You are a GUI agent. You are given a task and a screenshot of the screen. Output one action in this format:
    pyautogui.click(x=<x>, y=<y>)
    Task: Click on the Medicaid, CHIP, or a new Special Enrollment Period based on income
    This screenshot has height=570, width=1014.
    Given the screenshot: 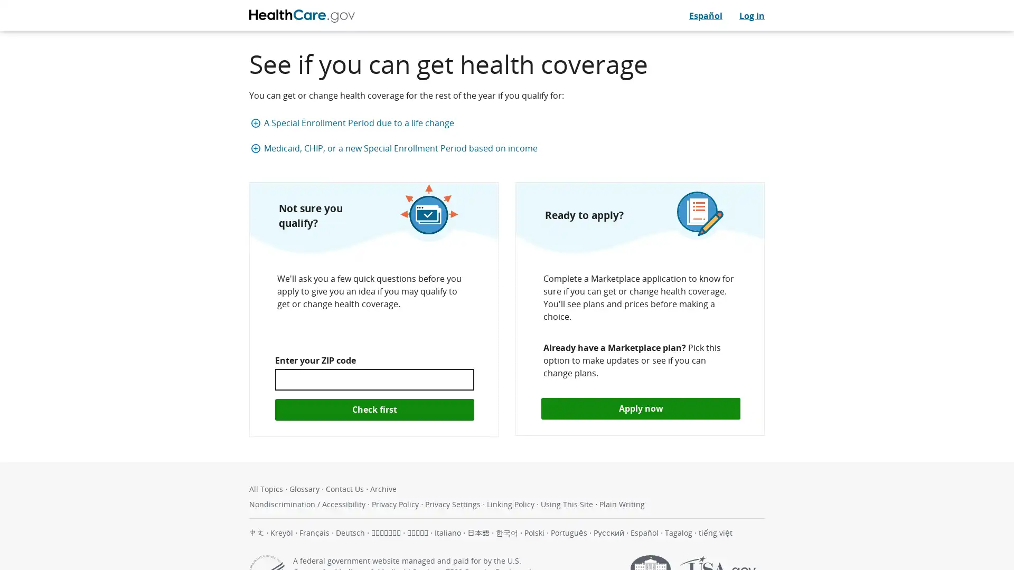 What is the action you would take?
    pyautogui.click(x=509, y=148)
    